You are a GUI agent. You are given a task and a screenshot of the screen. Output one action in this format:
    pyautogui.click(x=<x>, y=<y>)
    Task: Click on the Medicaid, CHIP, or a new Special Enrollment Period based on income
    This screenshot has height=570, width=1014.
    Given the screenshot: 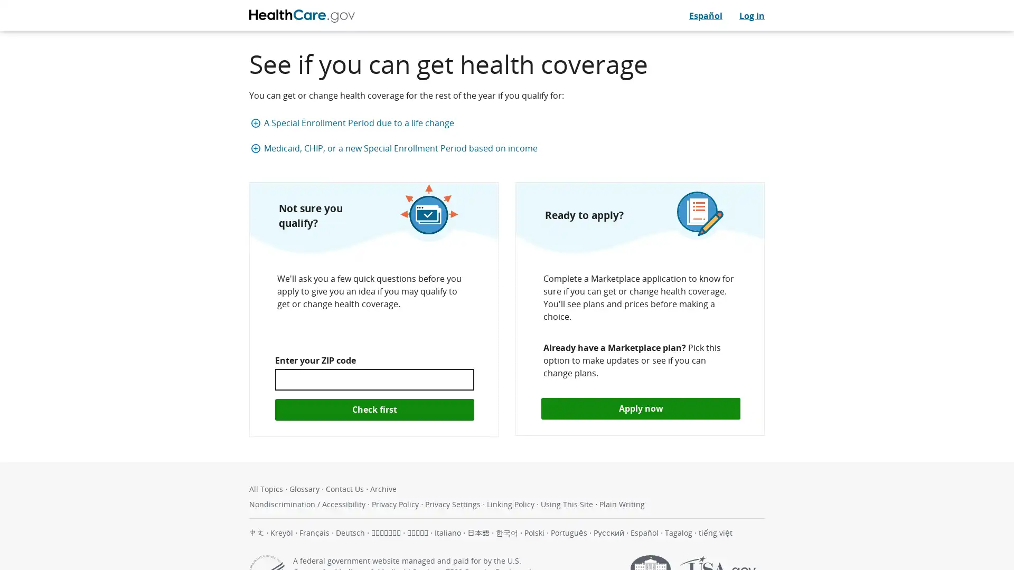 What is the action you would take?
    pyautogui.click(x=509, y=148)
    